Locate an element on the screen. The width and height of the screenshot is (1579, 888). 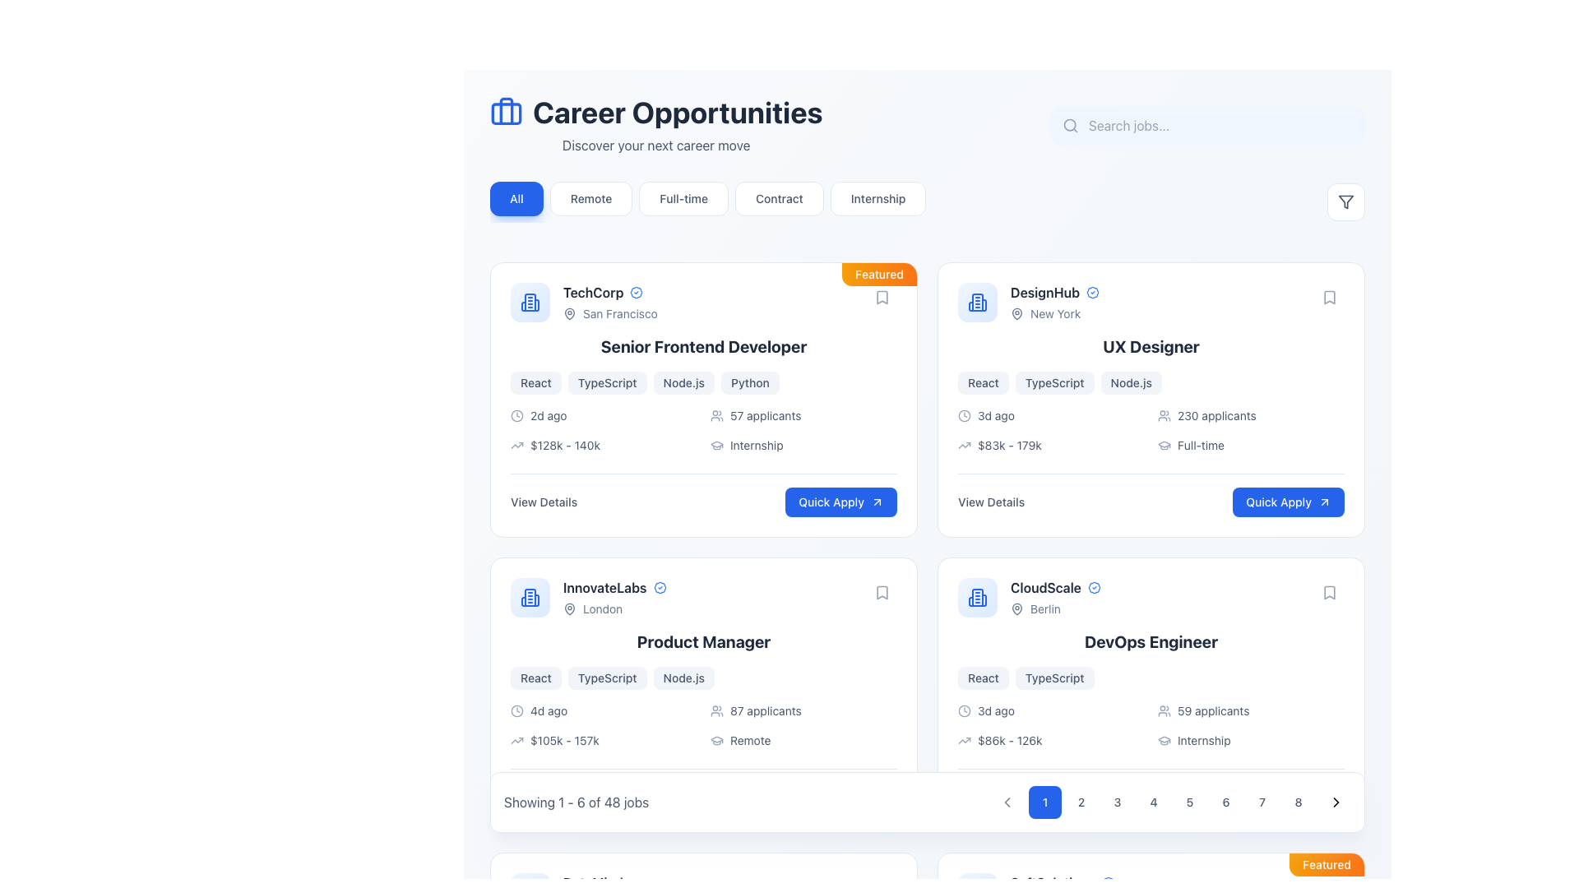
the button containing an SVG icon located in the pagination controls is located at coordinates (1006, 801).